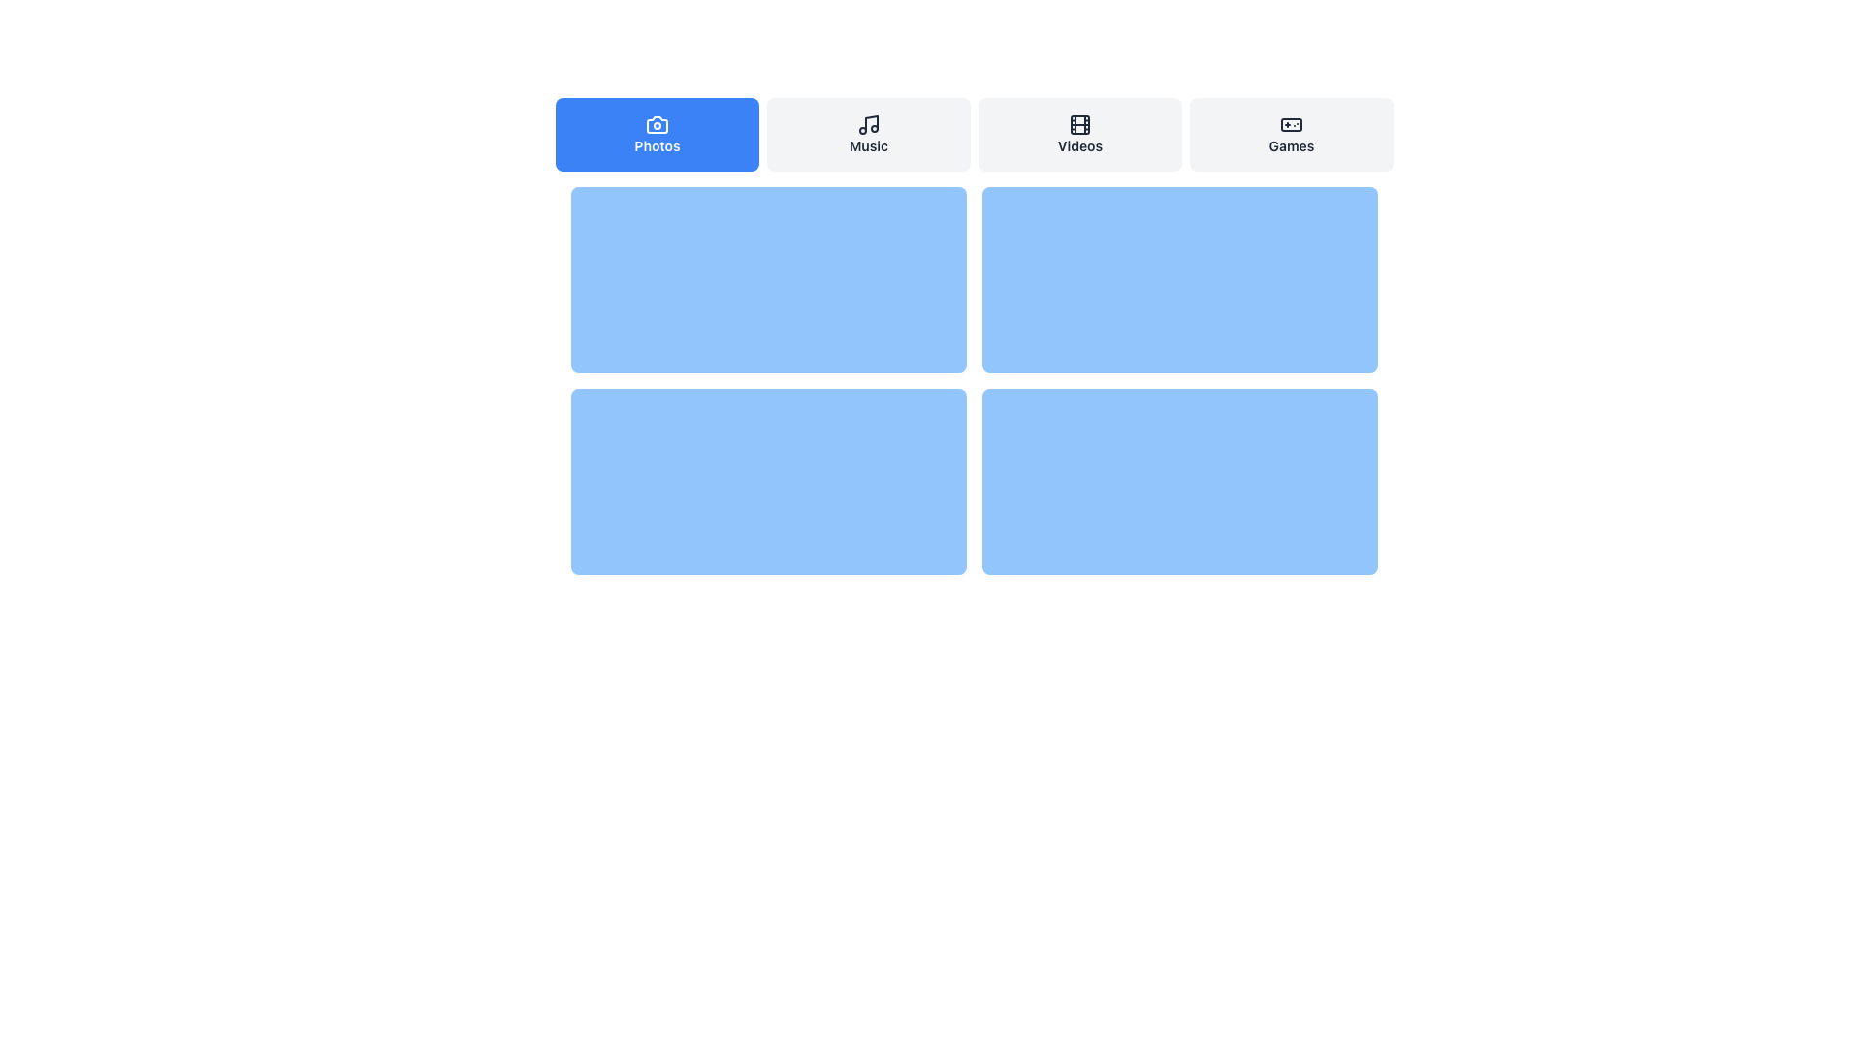  I want to click on the top-right panel of the 2x2 grid structure that serves as a decorative placeholder, so click(1179, 280).